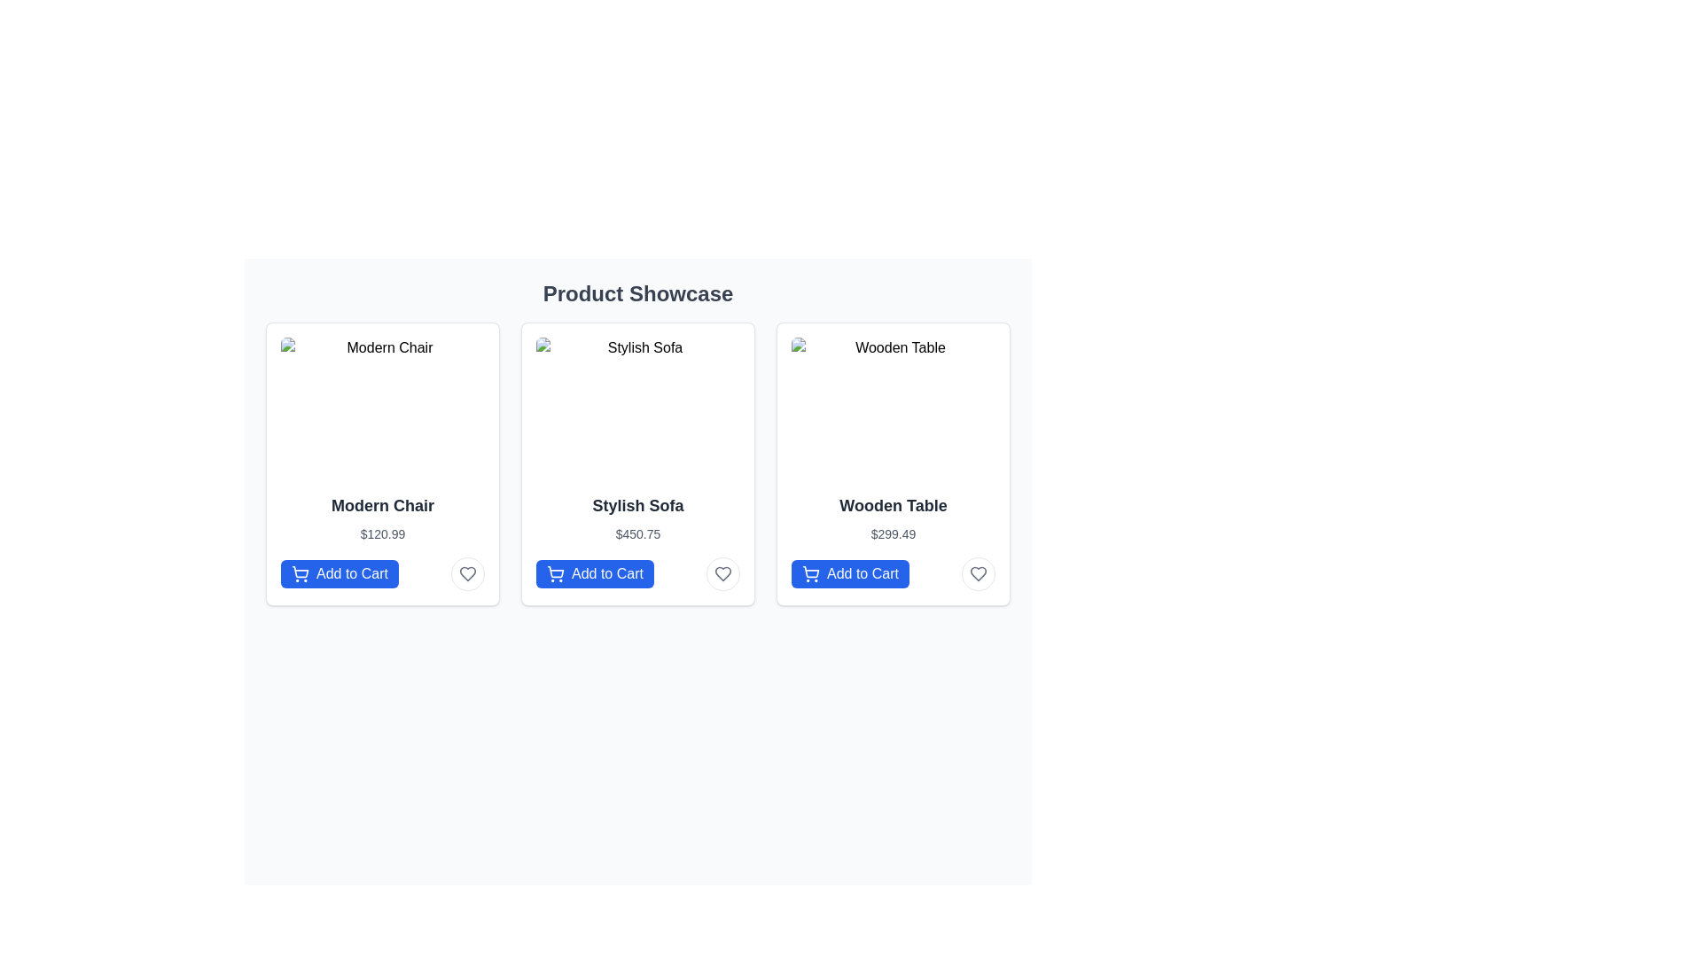  Describe the element at coordinates (340, 574) in the screenshot. I see `the 'Add to Cart' button for the Modern Chair located at the bottom left of the first product card in the 'Product Showcase' grid layout` at that location.